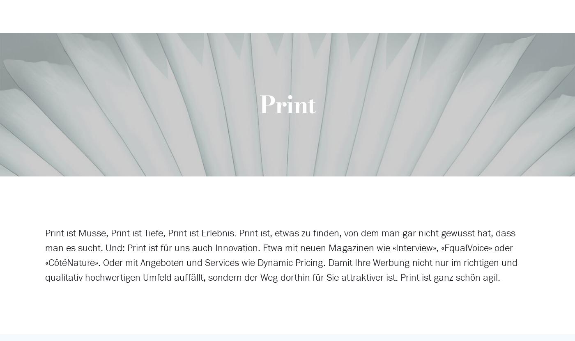  Describe the element at coordinates (274, 88) in the screenshot. I see `'Kundenmagazine'` at that location.